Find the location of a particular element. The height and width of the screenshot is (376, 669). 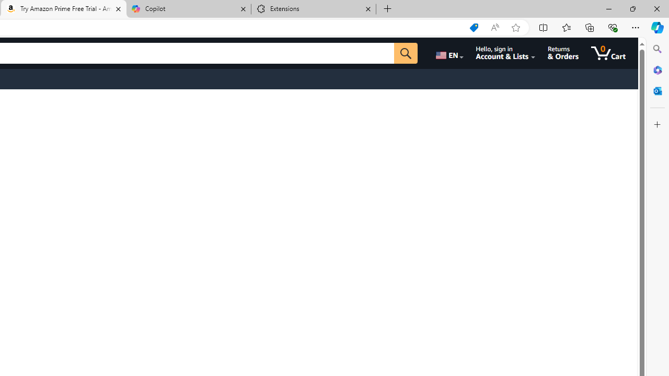

'Returns & Orders' is located at coordinates (562, 53).